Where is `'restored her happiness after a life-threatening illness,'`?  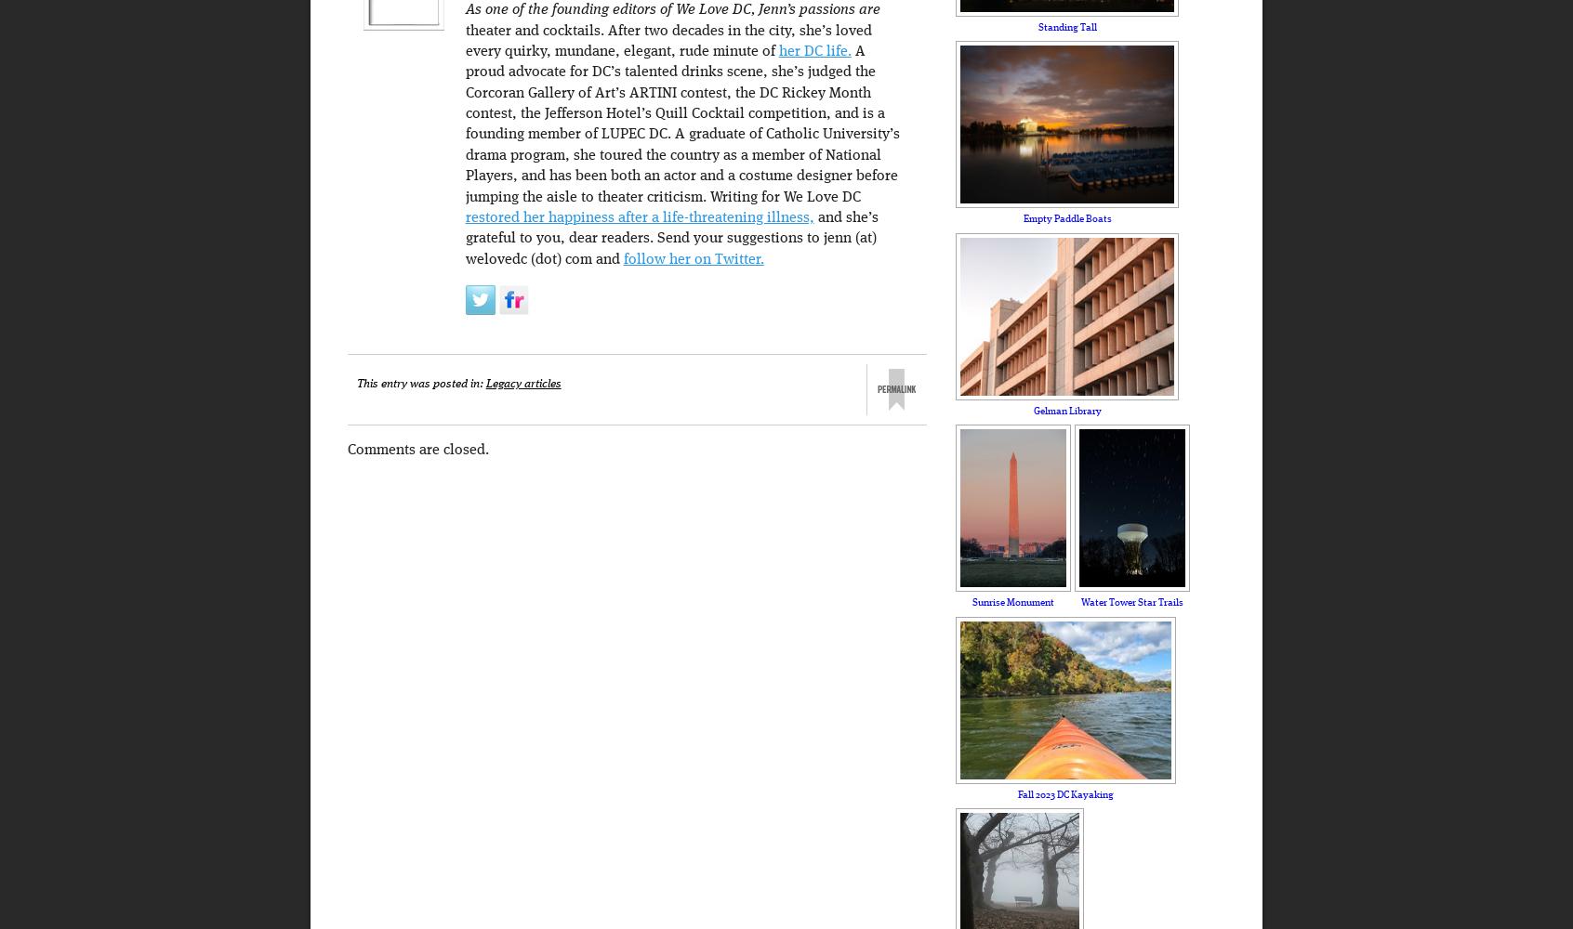 'restored her happiness after a life-threatening illness,' is located at coordinates (639, 217).